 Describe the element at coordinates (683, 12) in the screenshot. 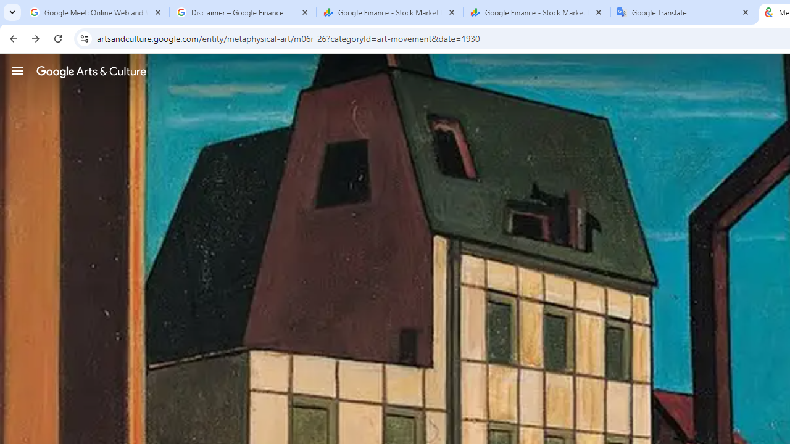

I see `'Google Translate'` at that location.